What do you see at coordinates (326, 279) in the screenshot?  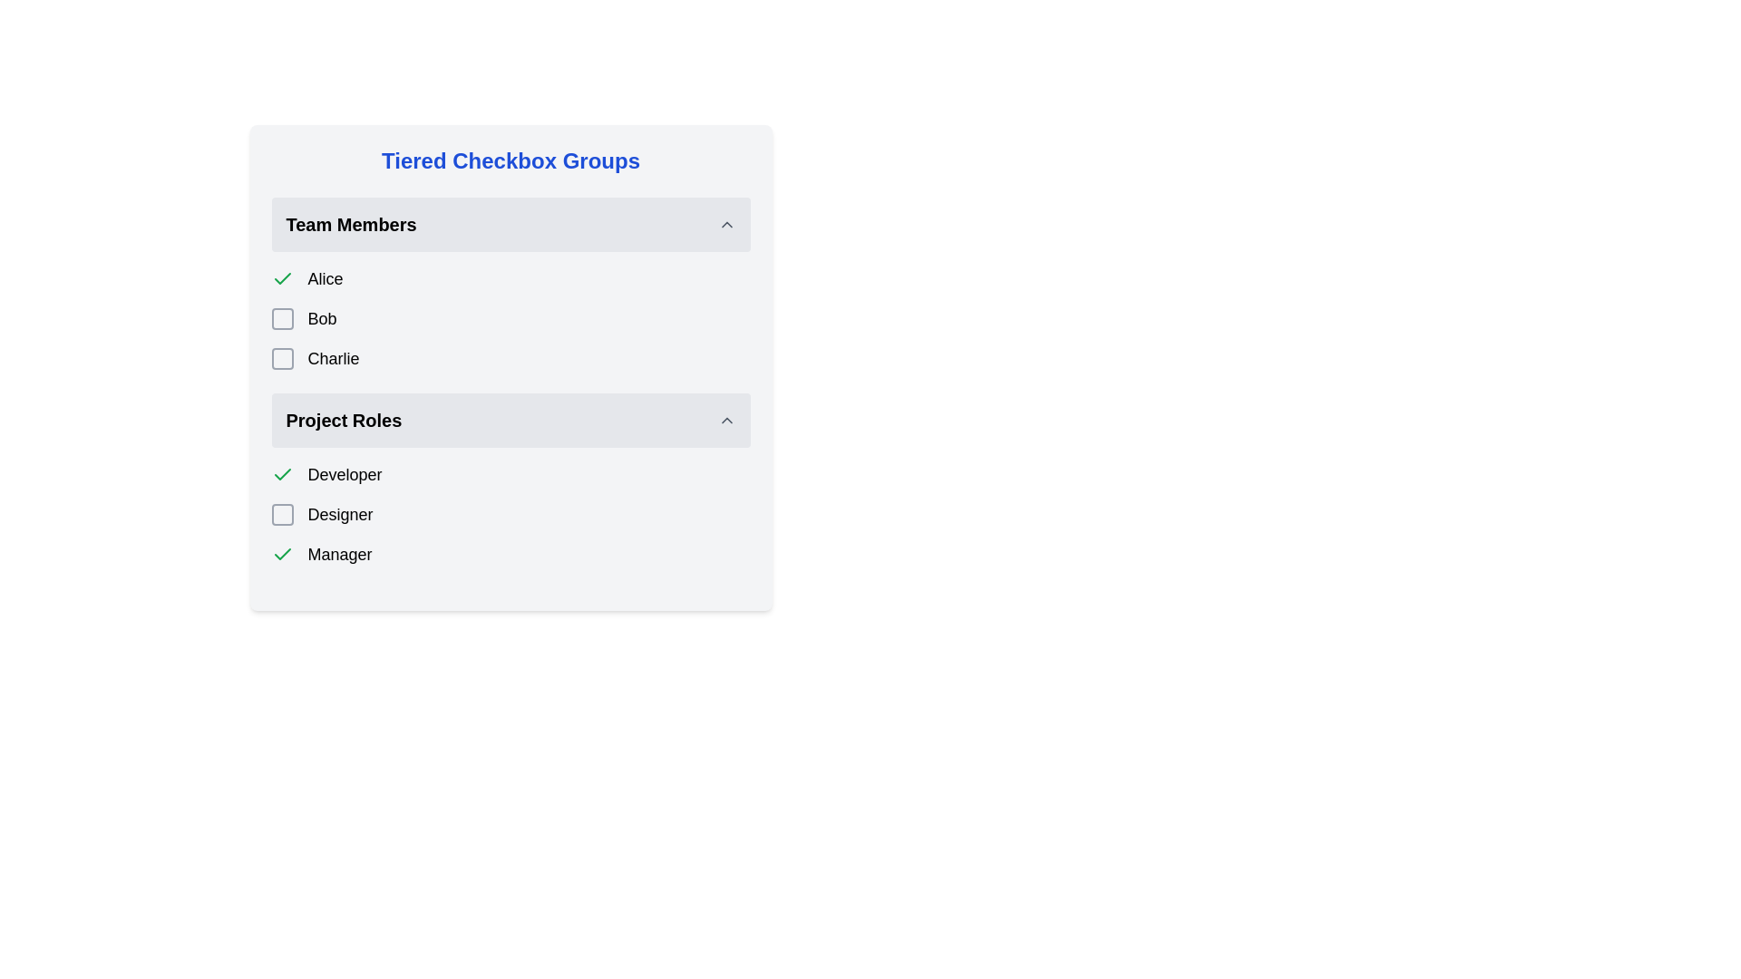 I see `the text label 'Alice' in the 'Team Members' list, which is the first item and has a green checkmark adjacent to it` at bounding box center [326, 279].